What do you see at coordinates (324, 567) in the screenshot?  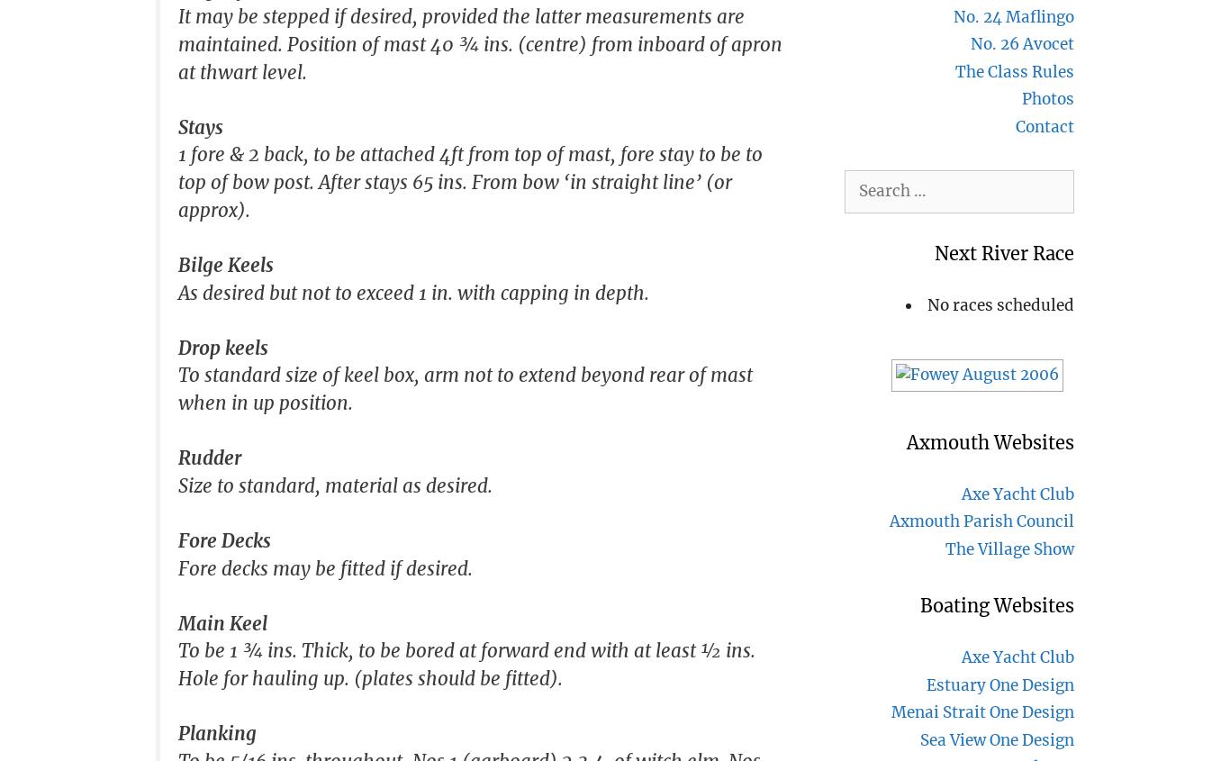 I see `'Fore decks may be fitted if desired.'` at bounding box center [324, 567].